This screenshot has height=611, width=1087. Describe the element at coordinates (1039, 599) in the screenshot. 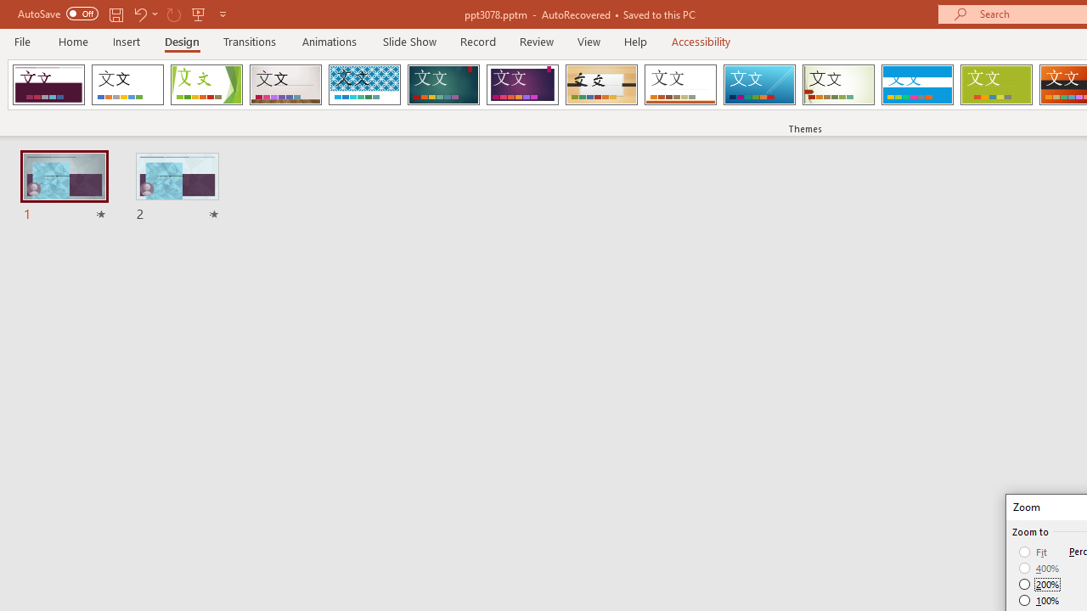

I see `'100%'` at that location.